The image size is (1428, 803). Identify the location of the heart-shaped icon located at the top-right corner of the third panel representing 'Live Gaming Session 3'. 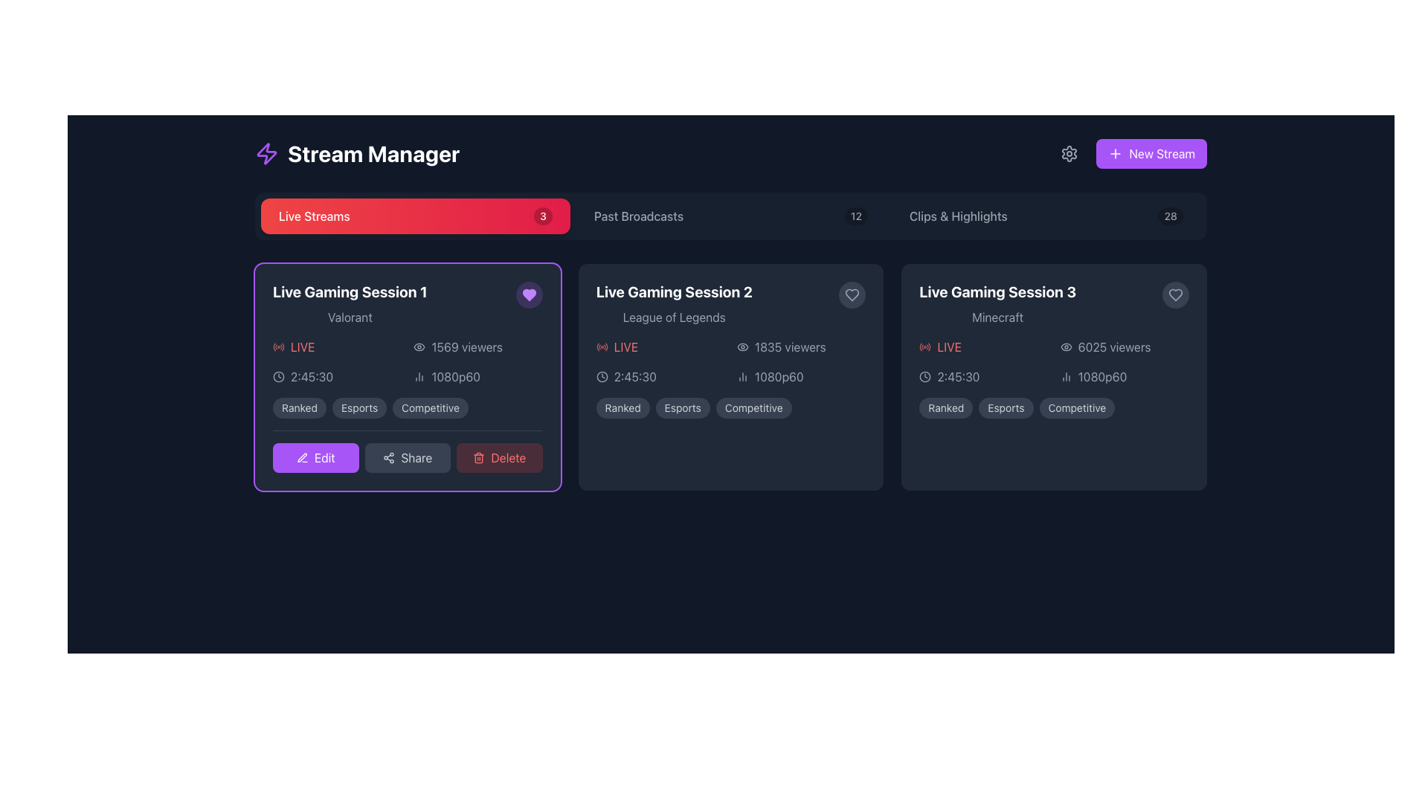
(852, 295).